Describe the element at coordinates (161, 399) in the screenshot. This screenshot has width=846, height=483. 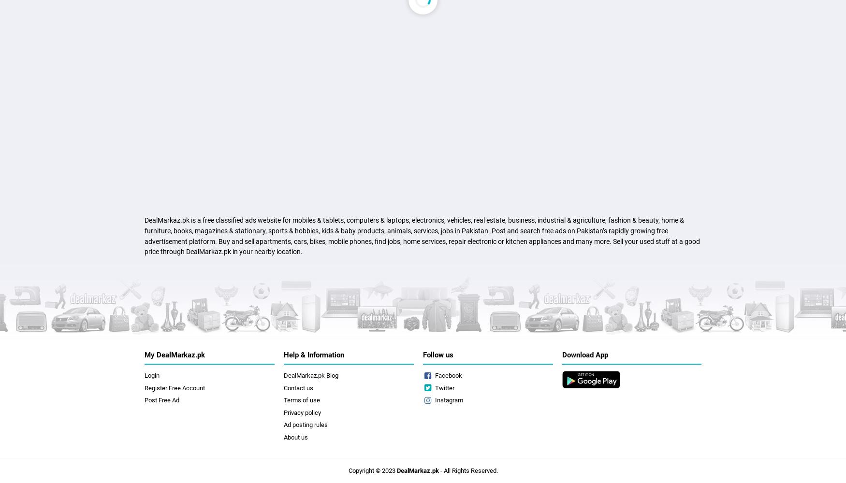
I see `'Post Free Ad'` at that location.